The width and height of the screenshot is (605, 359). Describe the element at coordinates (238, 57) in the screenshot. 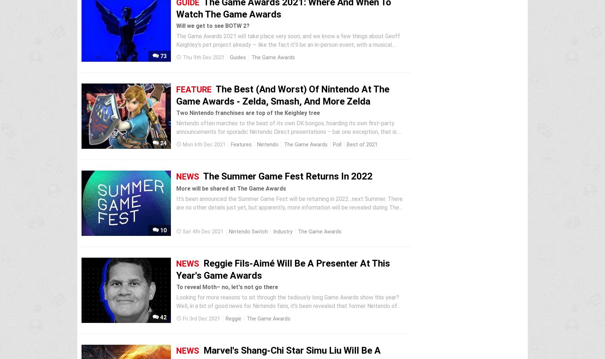

I see `'Guides'` at that location.